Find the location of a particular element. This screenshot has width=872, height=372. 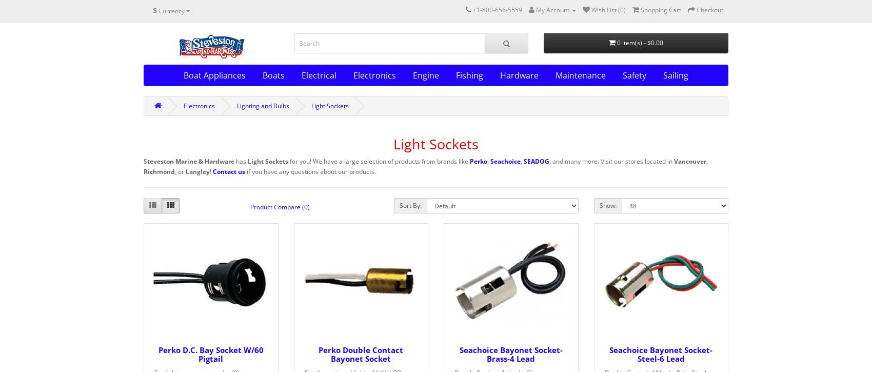

'Steveston Marine & Hardware' is located at coordinates (143, 161).